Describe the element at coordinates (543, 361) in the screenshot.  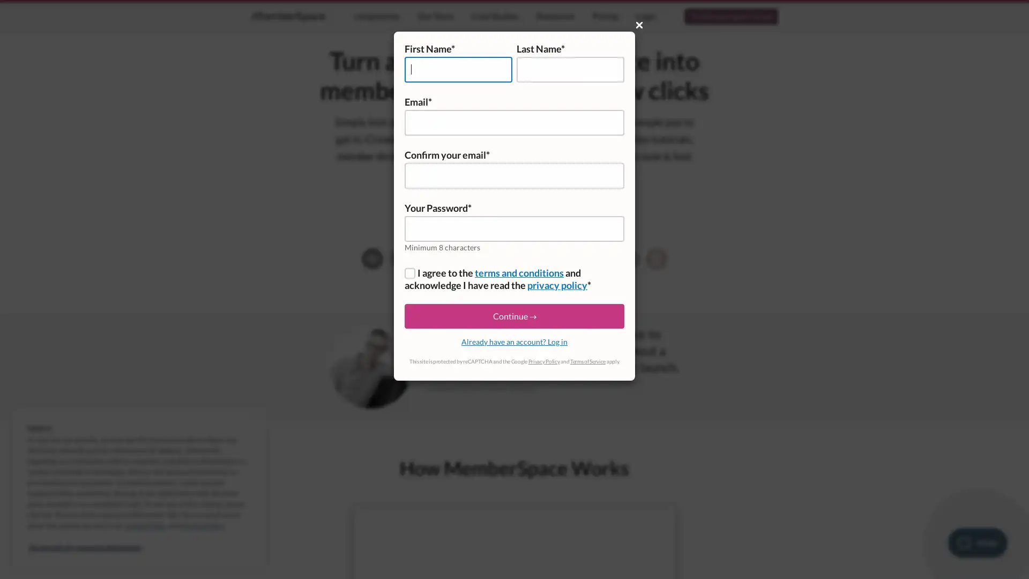
I see `Privacy Policy` at that location.